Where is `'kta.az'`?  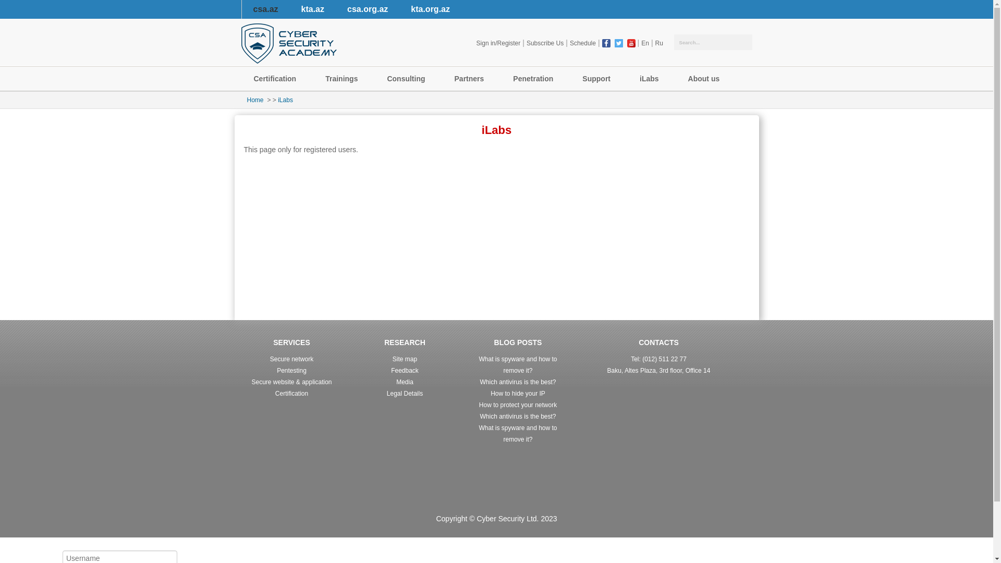
'kta.az' is located at coordinates (290, 9).